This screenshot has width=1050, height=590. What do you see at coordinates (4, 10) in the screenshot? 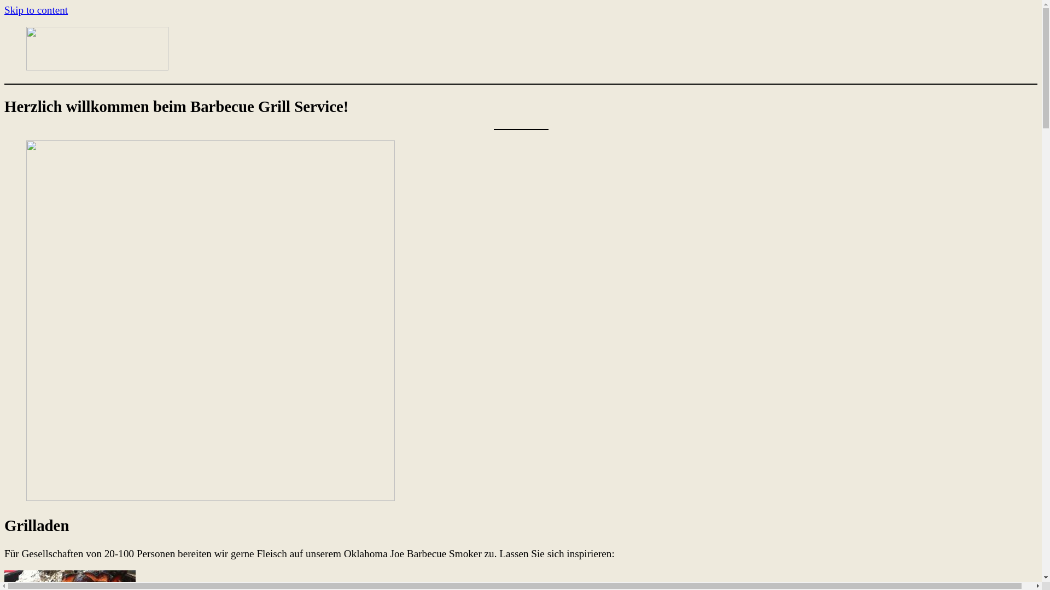
I see `'Skip to content'` at bounding box center [4, 10].